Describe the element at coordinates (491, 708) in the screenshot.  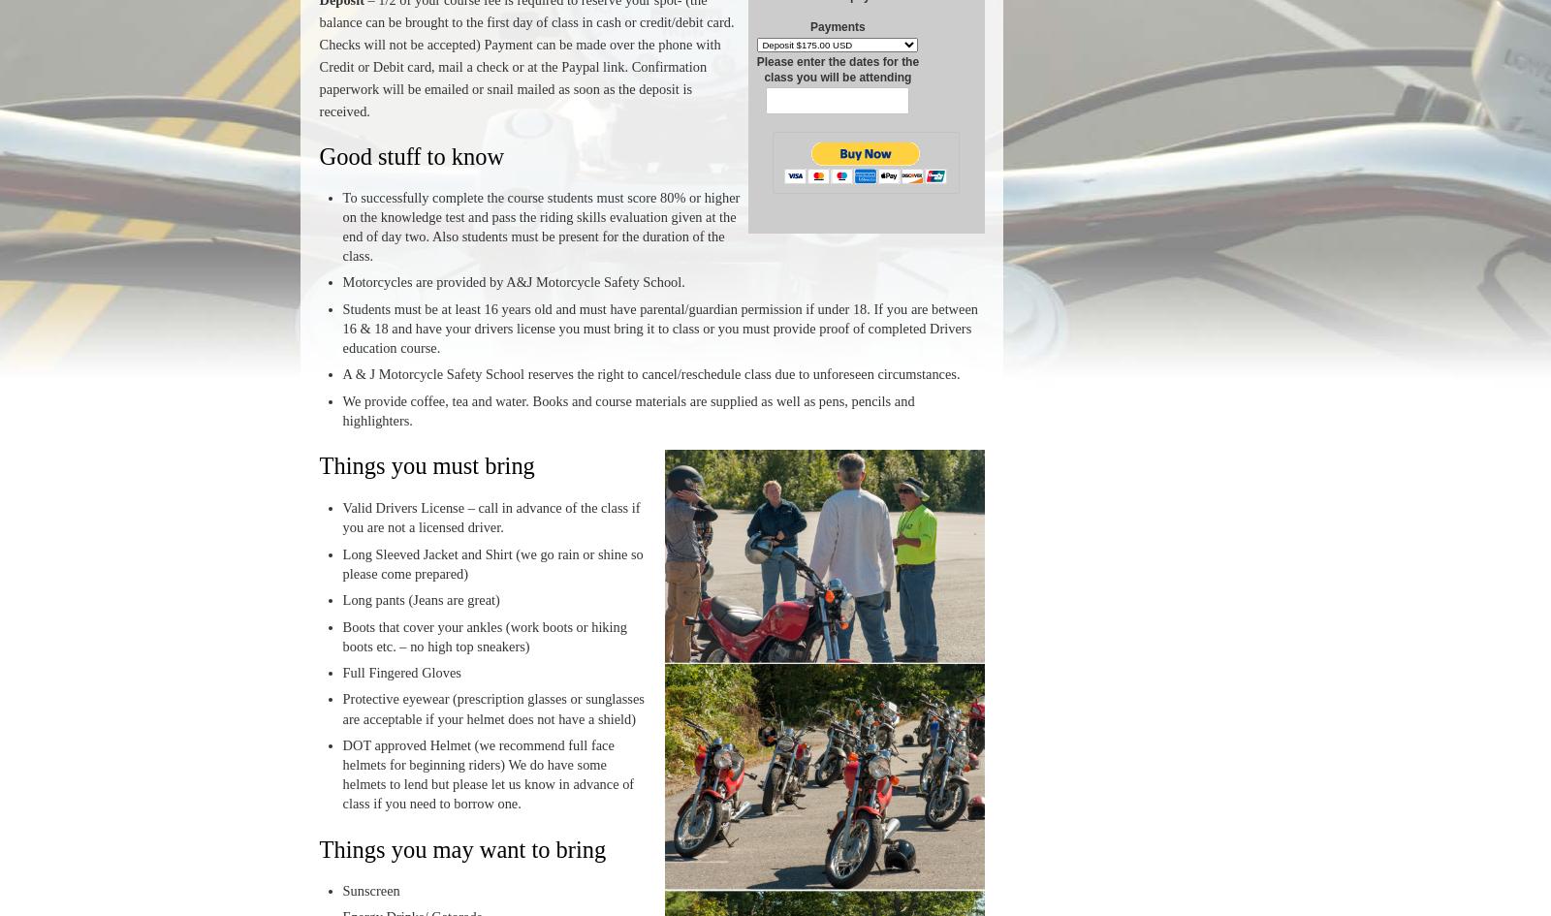
I see `'Protective eyewear (prescription glasses or sunglasses are acceptable if your helmet does not have a shield)'` at that location.